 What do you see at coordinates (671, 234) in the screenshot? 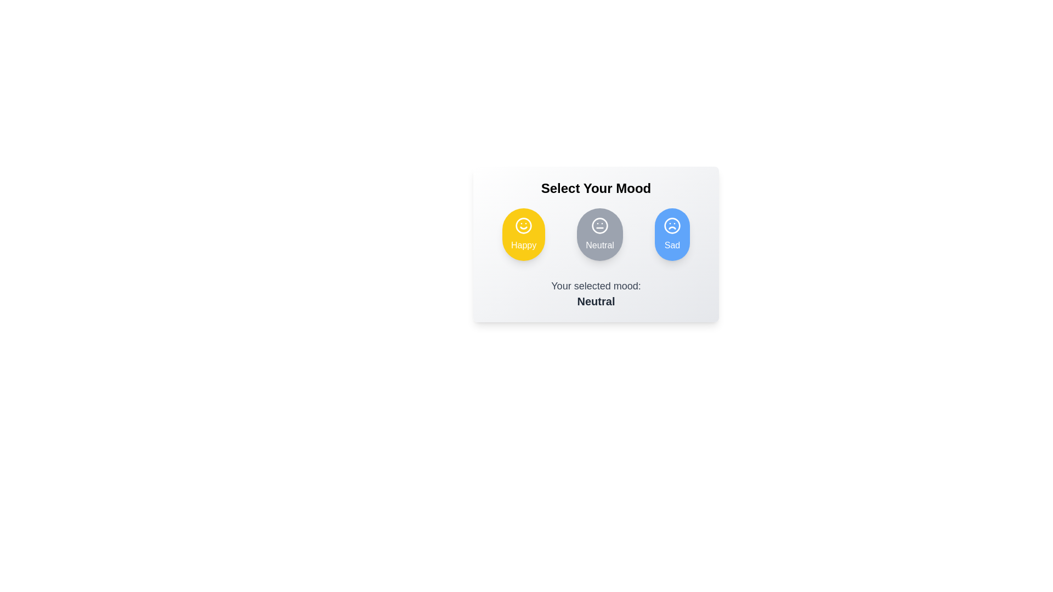
I see `the rightmost circular button with a blue background, white sad face icon, and 'Sad' text underneath, using keyboard tab navigation` at bounding box center [671, 234].